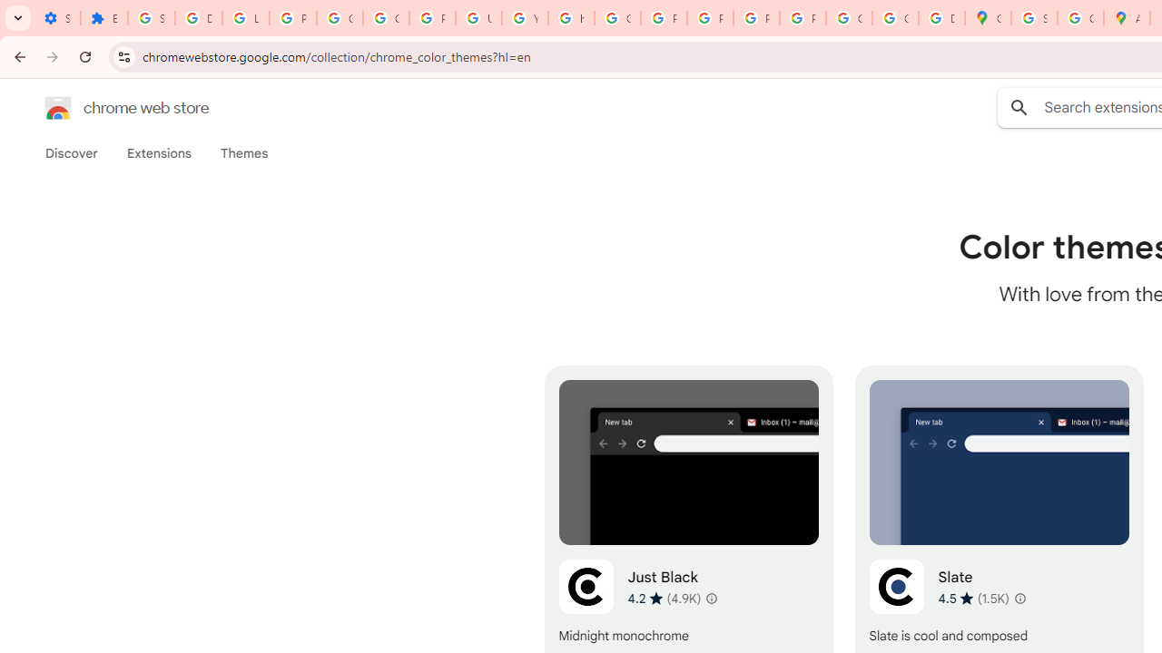 The width and height of the screenshot is (1162, 653). I want to click on 'Average rating 4.2 out of 5 stars. 4.9K ratings.', so click(664, 598).